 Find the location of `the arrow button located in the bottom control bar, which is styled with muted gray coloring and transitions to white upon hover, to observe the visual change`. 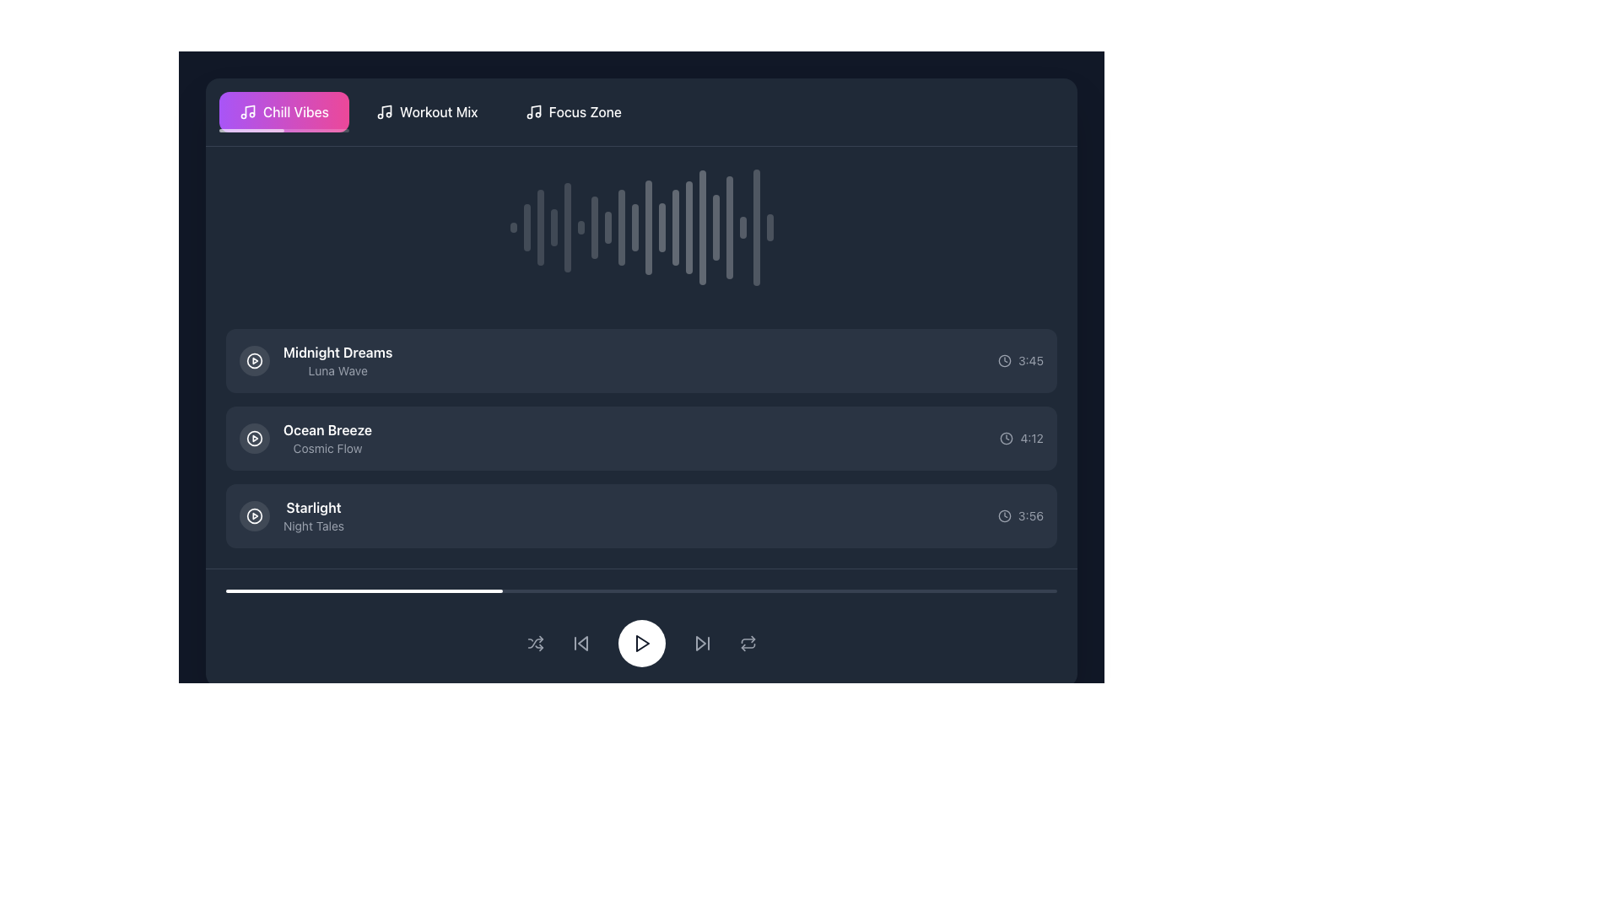

the arrow button located in the bottom control bar, which is styled with muted gray coloring and transitions to white upon hover, to observe the visual change is located at coordinates (702, 644).